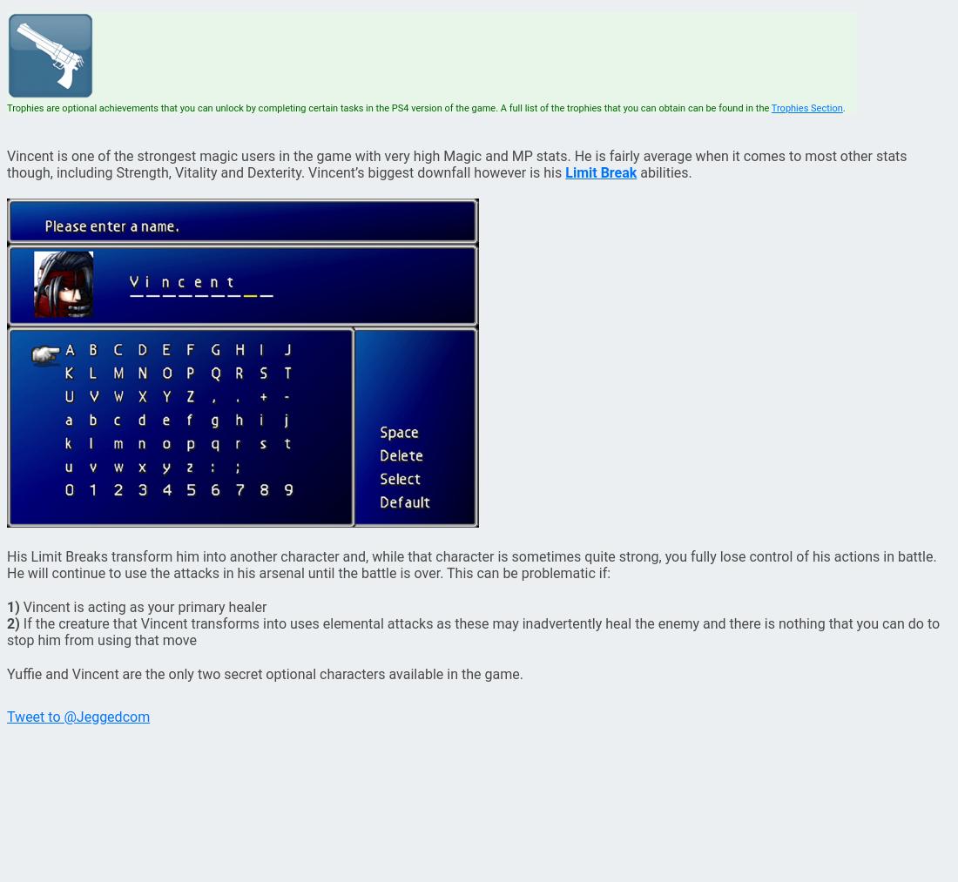 This screenshot has height=882, width=958. What do you see at coordinates (264, 674) in the screenshot?
I see `'Yuffie and Vincent are the only two secret optional characters available in the game.'` at bounding box center [264, 674].